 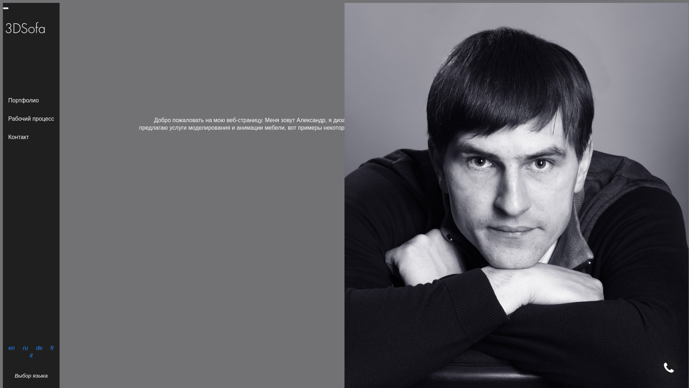 What do you see at coordinates (5, 8) in the screenshot?
I see `'3DSofa'` at bounding box center [5, 8].